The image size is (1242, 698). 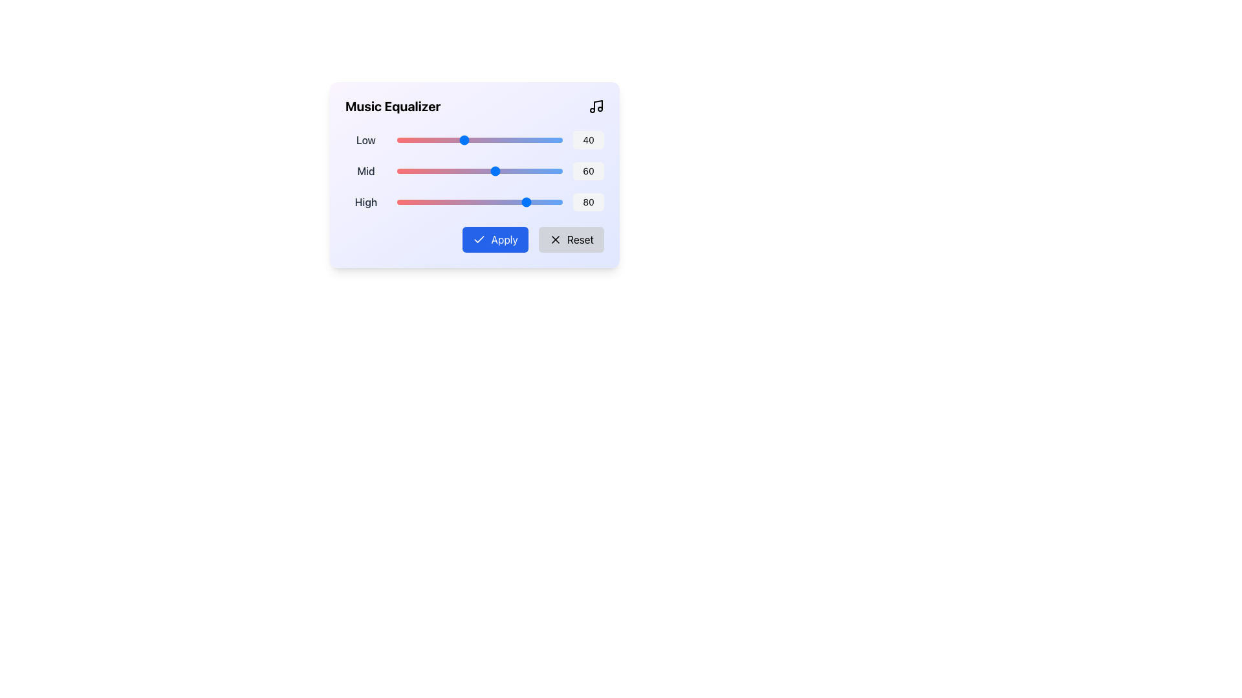 I want to click on the 'Mid' equalizer slider, so click(x=404, y=171).